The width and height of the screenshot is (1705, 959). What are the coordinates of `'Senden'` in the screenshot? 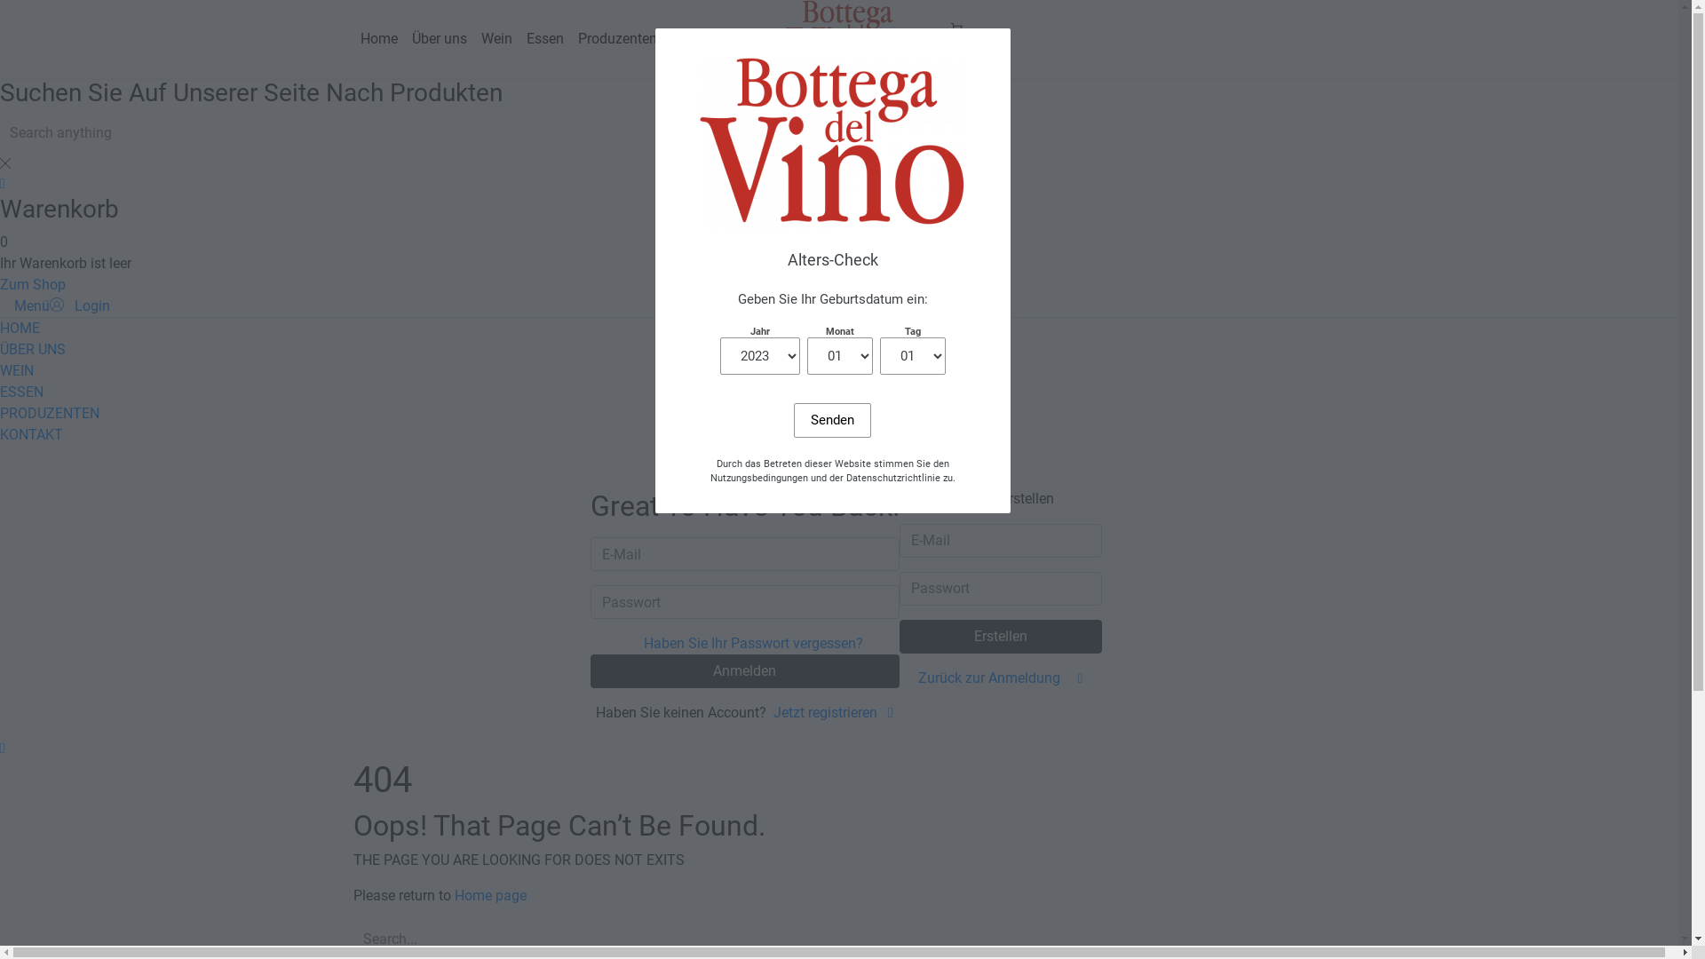 It's located at (792, 420).